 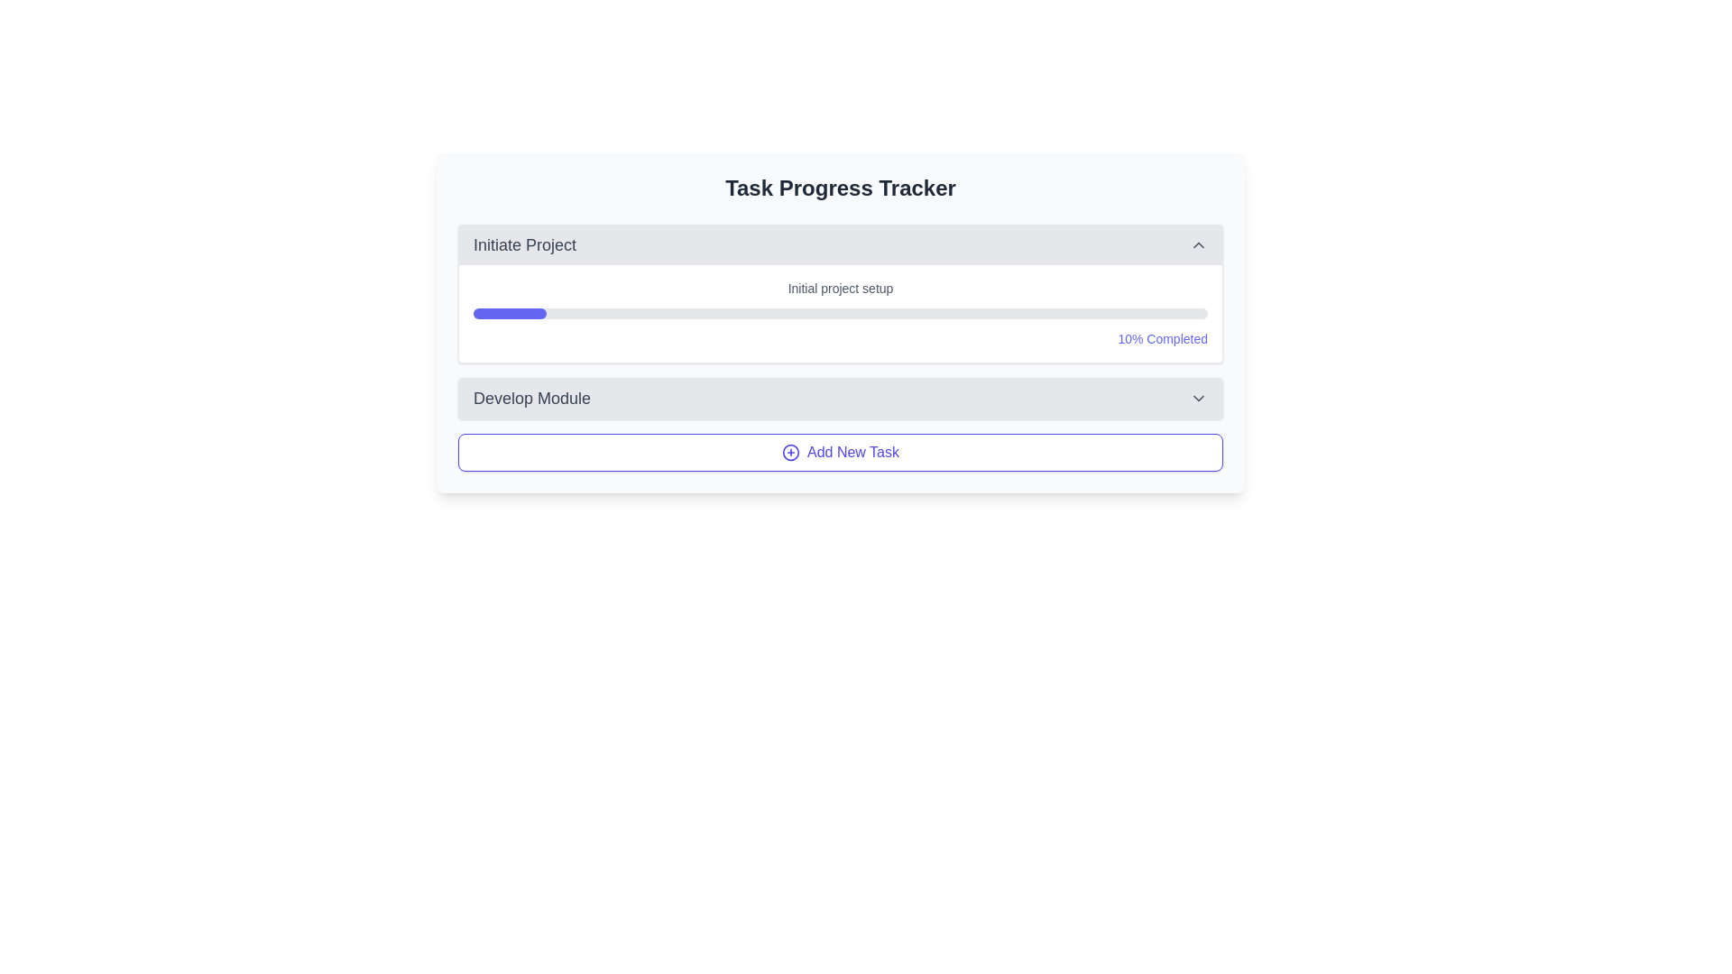 What do you see at coordinates (509, 312) in the screenshot?
I see `the Progress indicator located under the title 'Initiate Project', which visually conveys the completion status of a task and occupies the leftmost 10% of the progress bar` at bounding box center [509, 312].